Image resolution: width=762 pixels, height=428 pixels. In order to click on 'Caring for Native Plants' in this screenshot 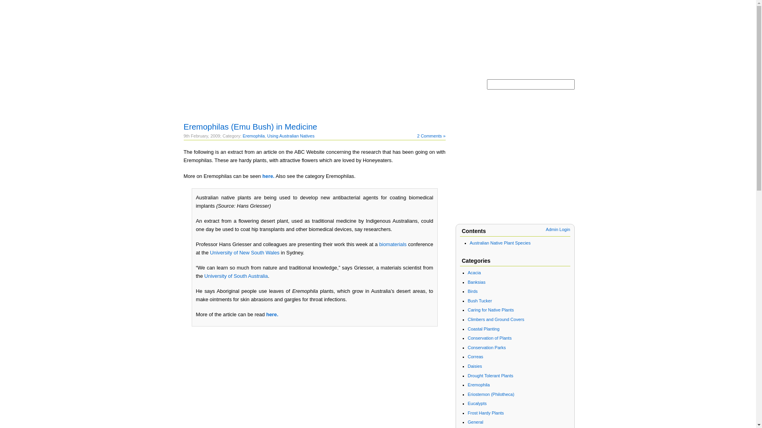, I will do `click(490, 310)`.